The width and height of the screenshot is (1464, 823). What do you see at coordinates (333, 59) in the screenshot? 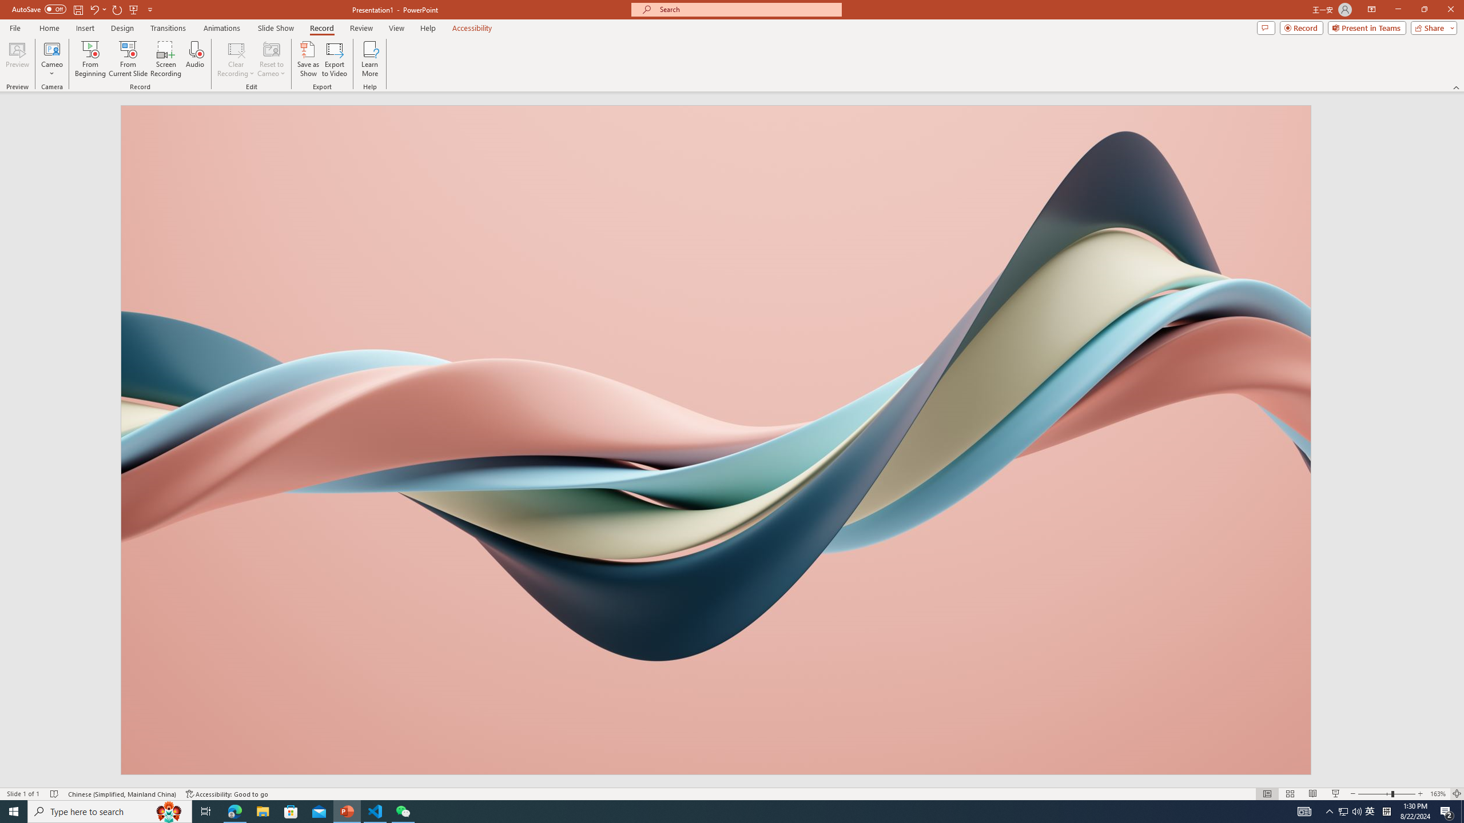
I see `'Export to Video'` at bounding box center [333, 59].